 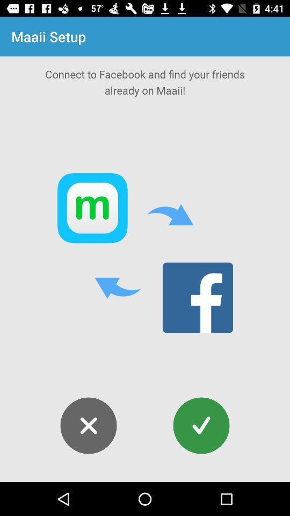 What do you see at coordinates (88, 426) in the screenshot?
I see `choose no` at bounding box center [88, 426].